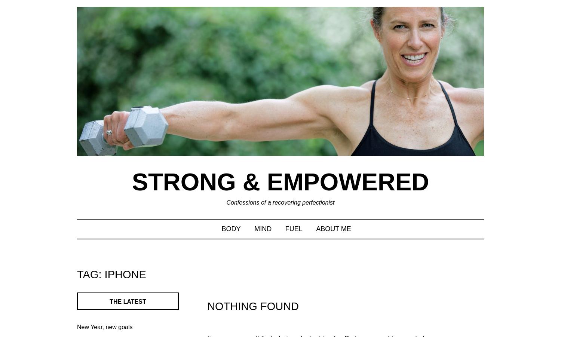 The image size is (561, 337). I want to click on 'The latest', so click(127, 301).